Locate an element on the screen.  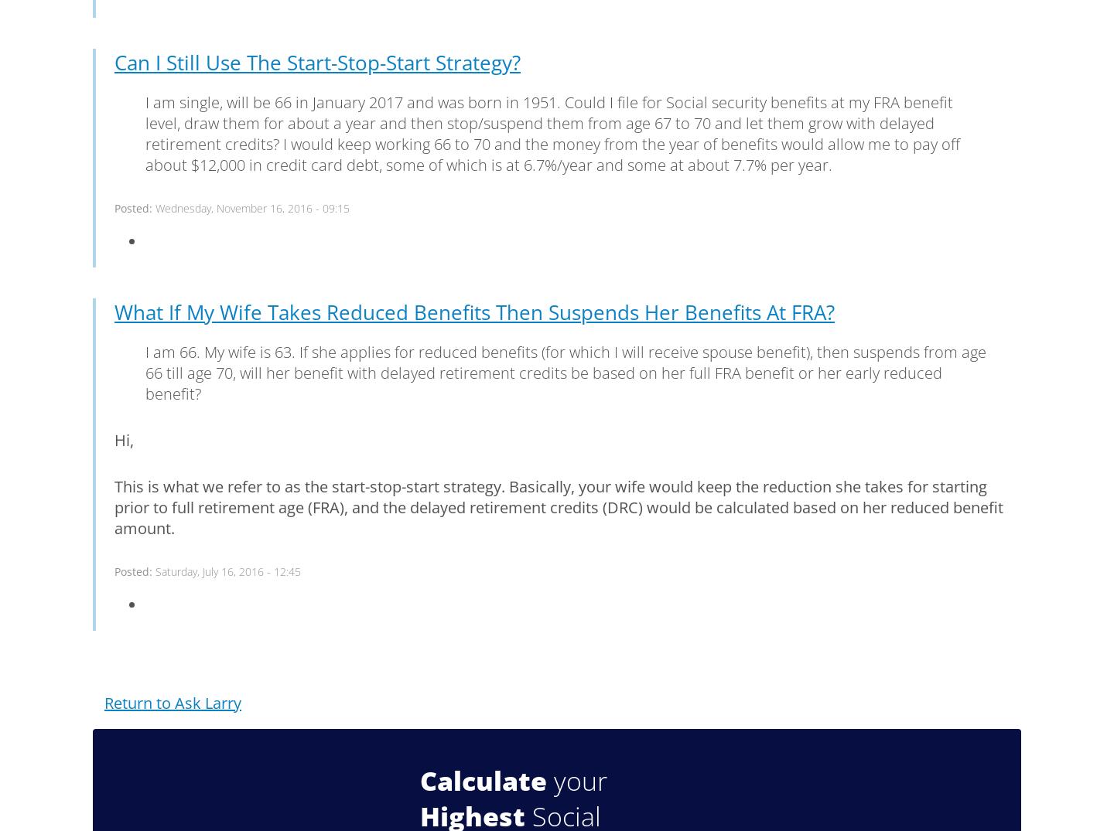
'Saturday, July 16, 2016 - 12:45' is located at coordinates (155, 570).